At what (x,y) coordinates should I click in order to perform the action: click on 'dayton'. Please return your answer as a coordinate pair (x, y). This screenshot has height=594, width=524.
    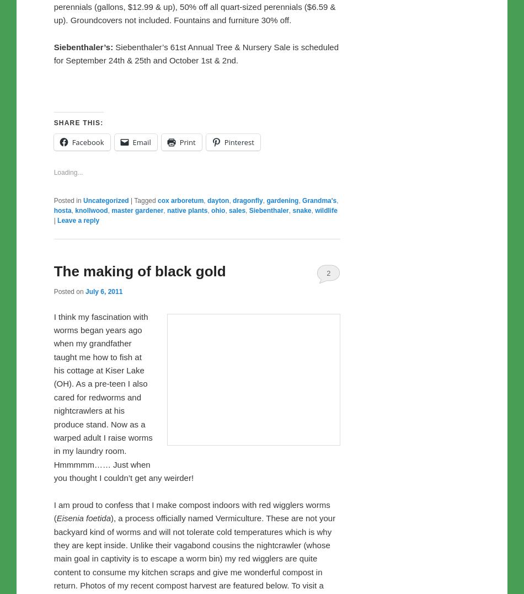
    Looking at the image, I should click on (217, 431).